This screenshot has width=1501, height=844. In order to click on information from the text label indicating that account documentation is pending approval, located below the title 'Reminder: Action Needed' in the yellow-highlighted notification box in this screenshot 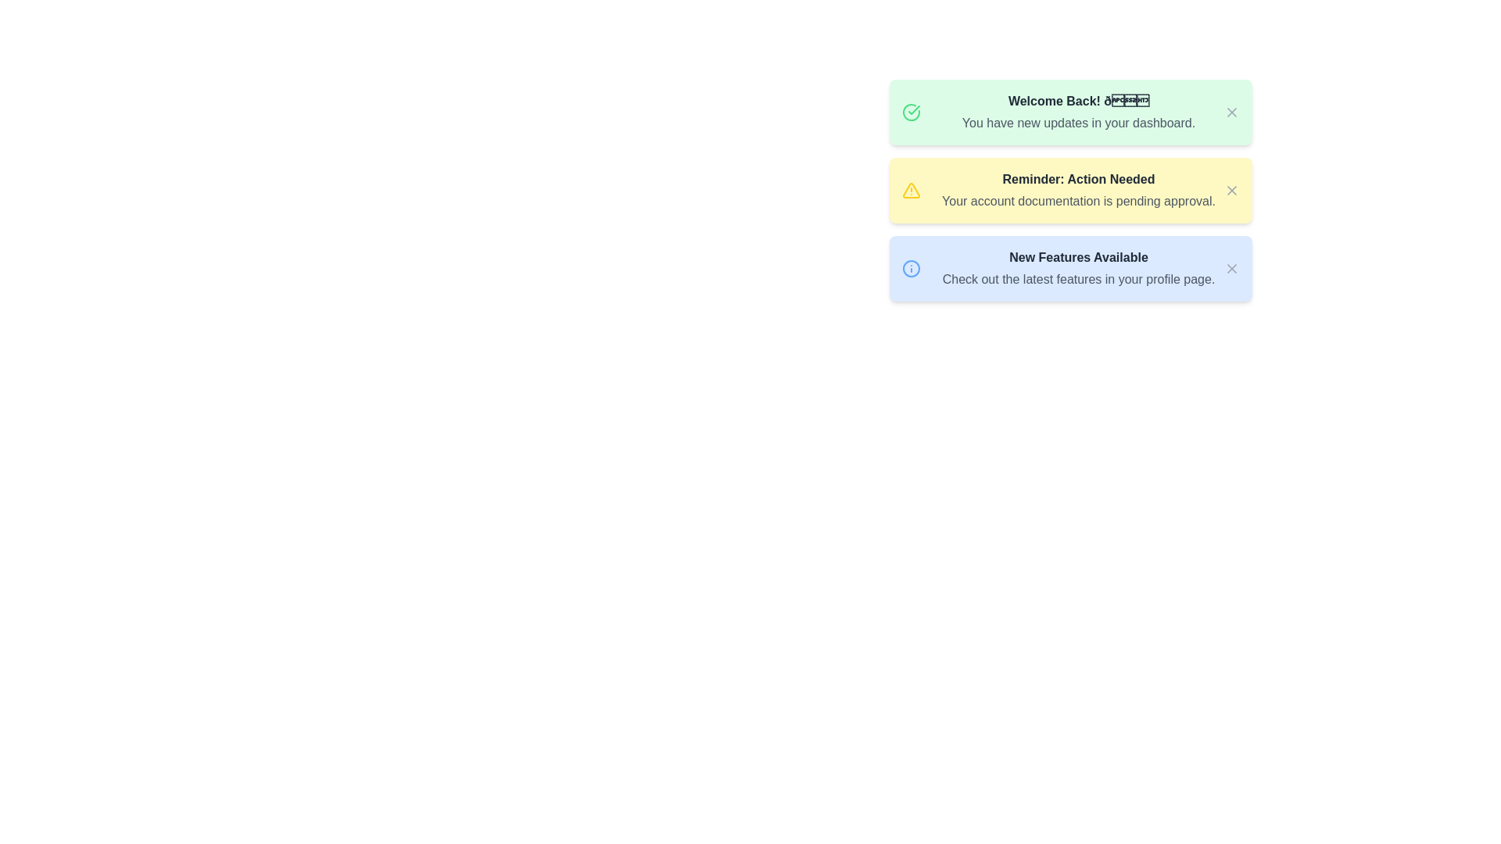, I will do `click(1078, 201)`.